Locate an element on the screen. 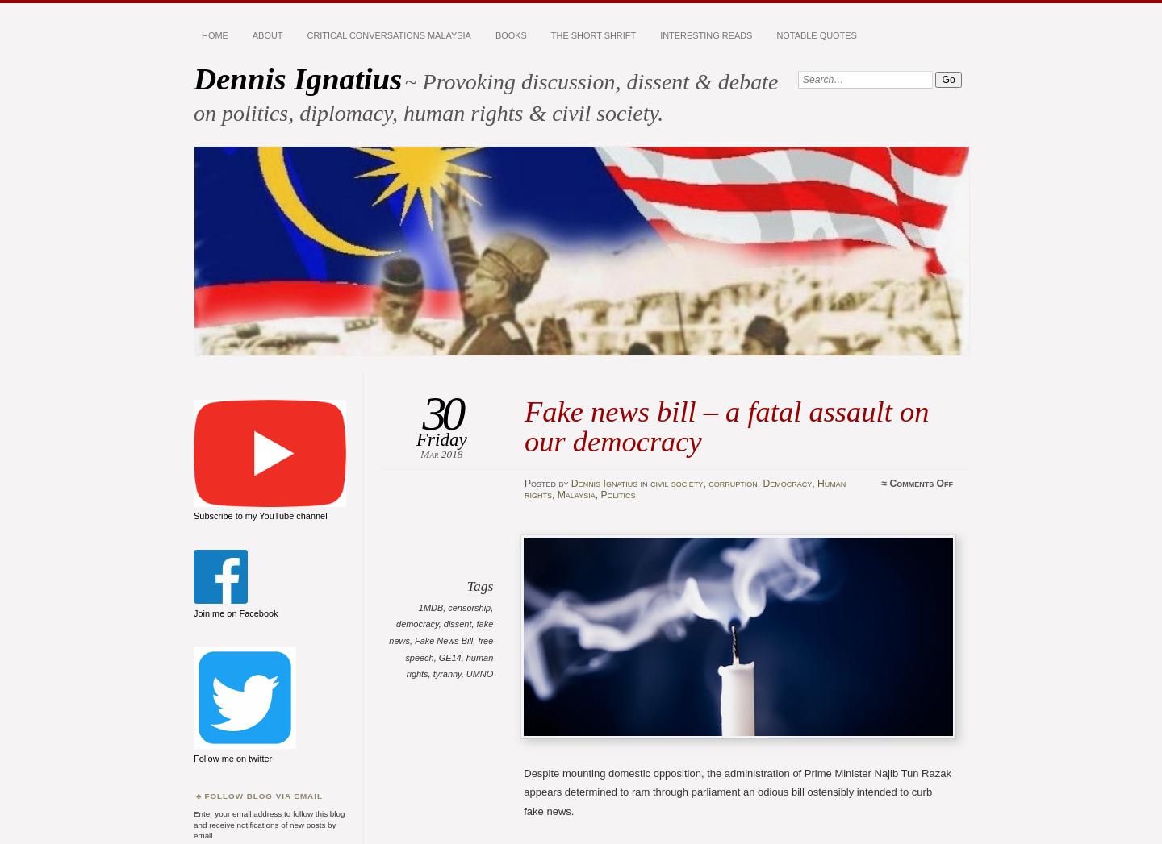 Image resolution: width=1162 pixels, height=844 pixels. 'tyranny' is located at coordinates (446, 674).